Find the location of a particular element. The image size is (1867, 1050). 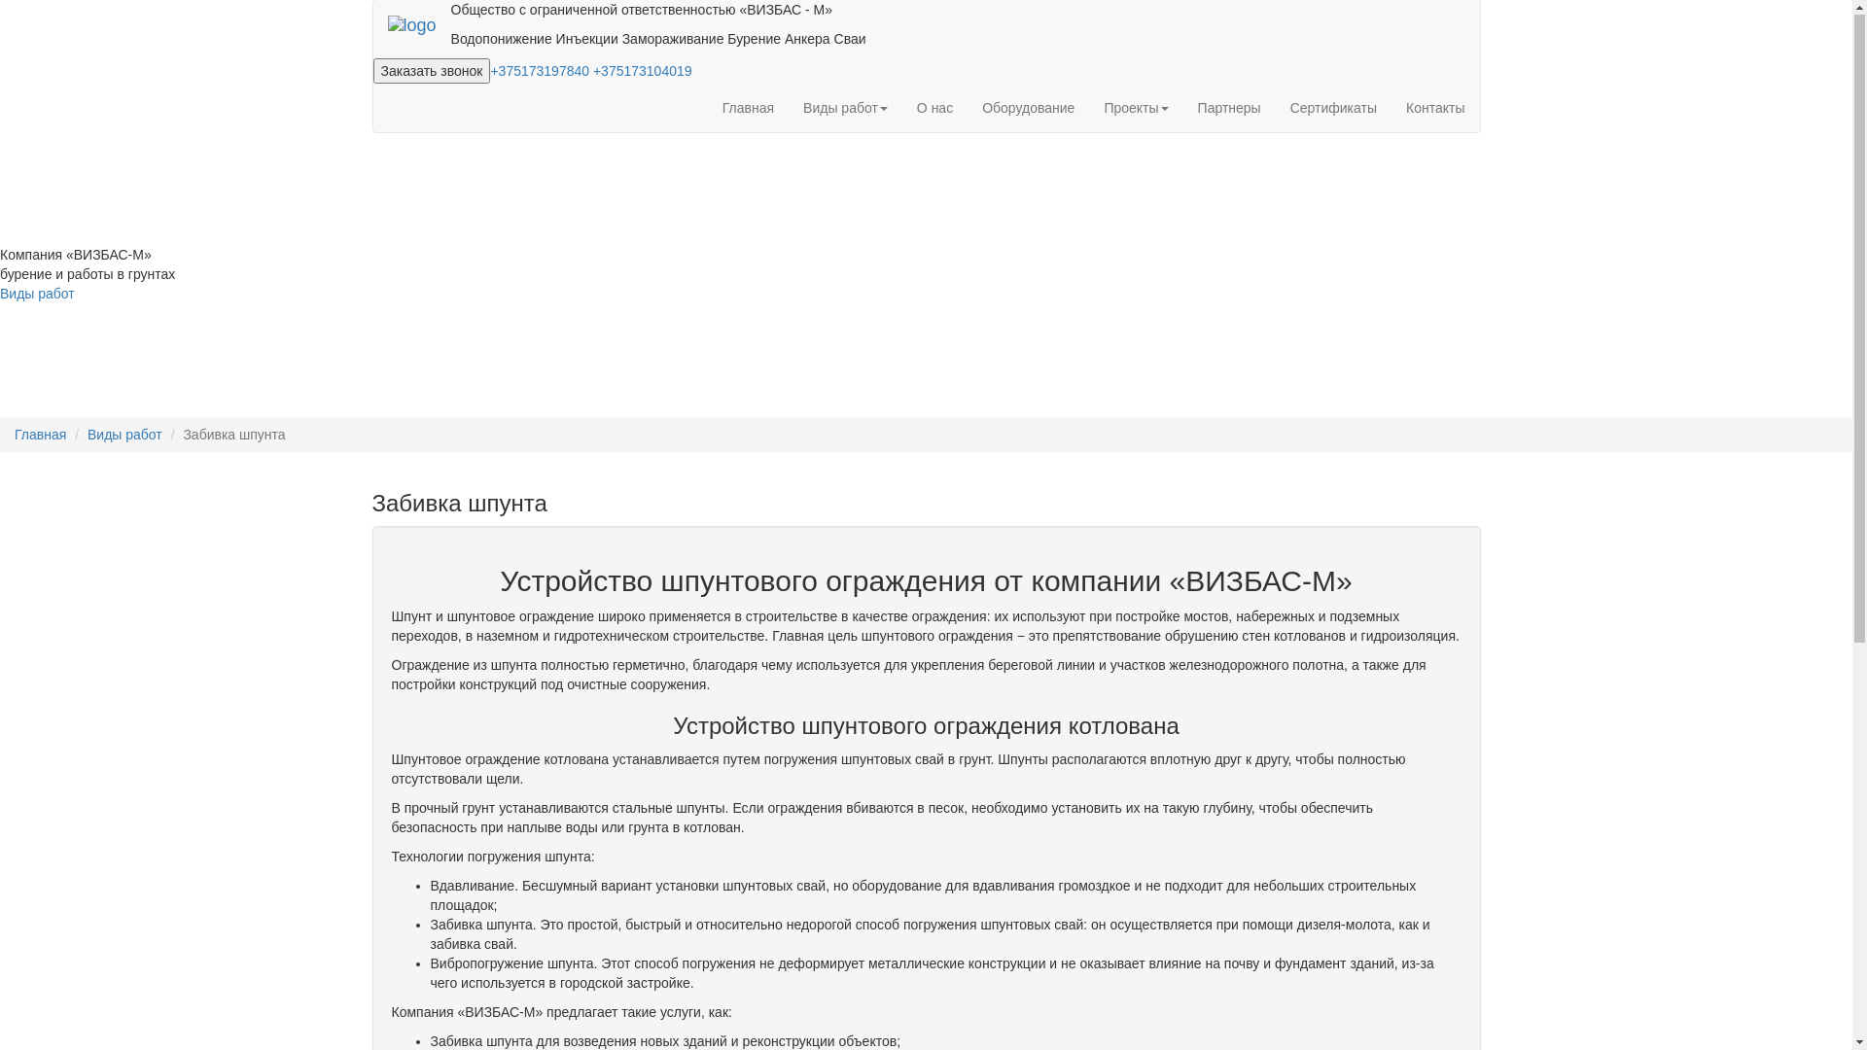

'+375173104019' is located at coordinates (643, 70).